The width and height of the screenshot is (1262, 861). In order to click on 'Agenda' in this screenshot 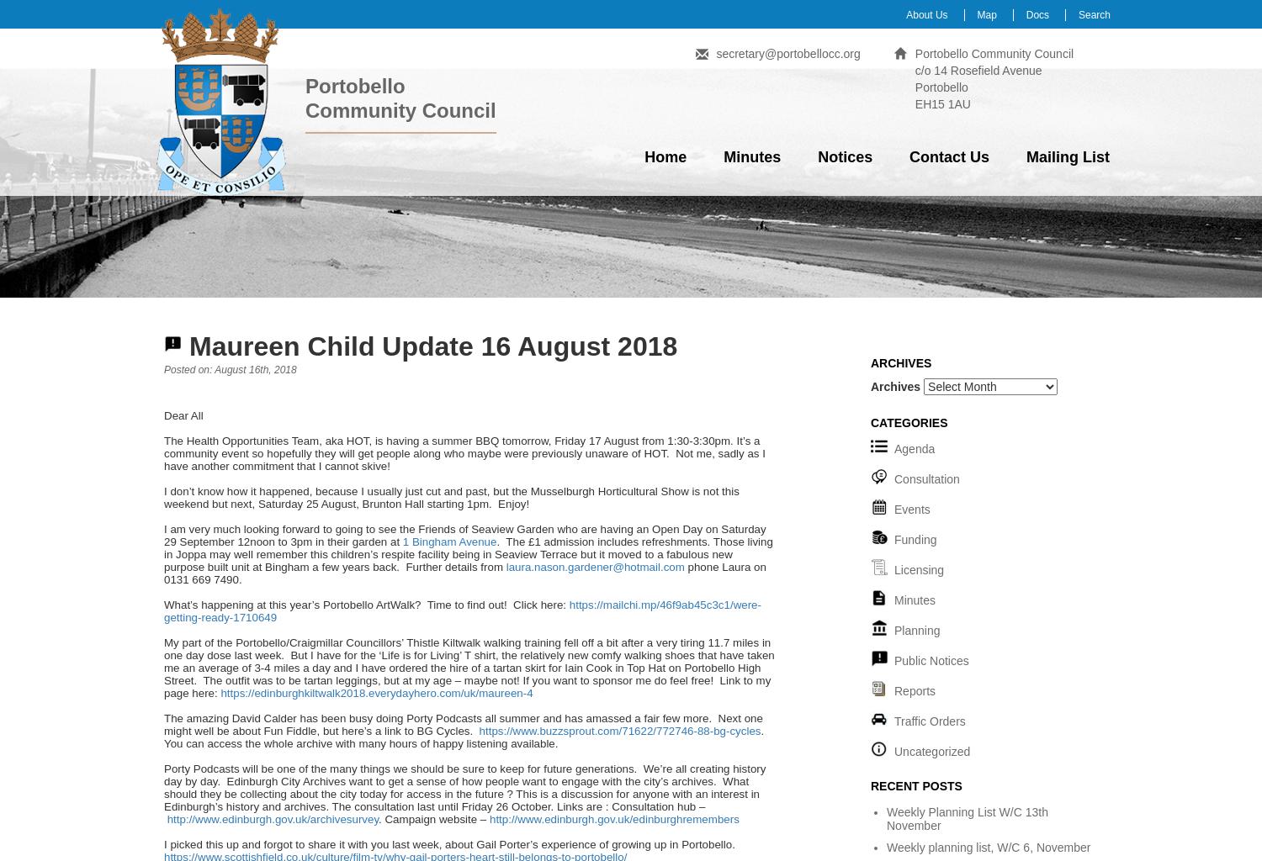, I will do `click(914, 449)`.